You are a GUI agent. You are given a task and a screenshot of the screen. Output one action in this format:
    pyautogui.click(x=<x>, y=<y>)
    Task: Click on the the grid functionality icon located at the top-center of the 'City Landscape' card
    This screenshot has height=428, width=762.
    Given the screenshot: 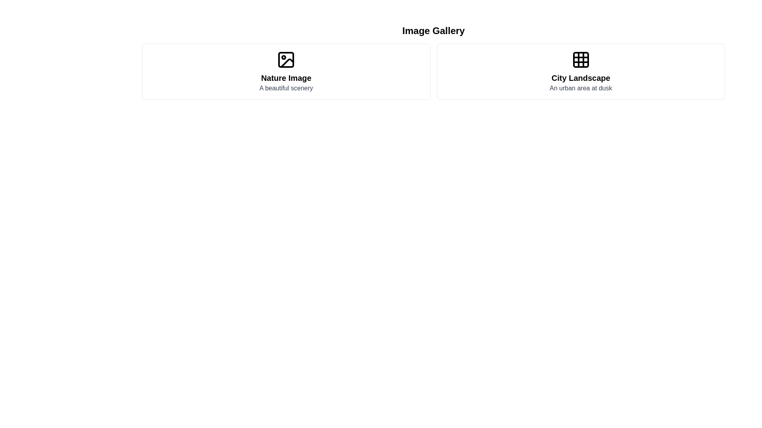 What is the action you would take?
    pyautogui.click(x=581, y=59)
    